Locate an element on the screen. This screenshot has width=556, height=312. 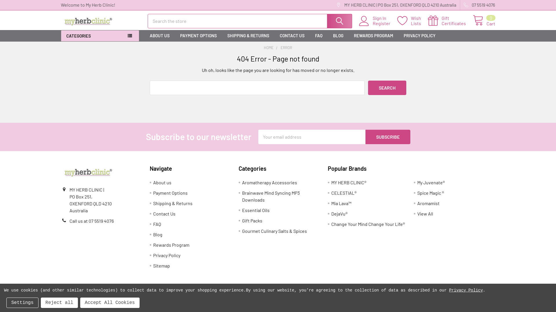
'Cart is located at coordinates (473, 21).